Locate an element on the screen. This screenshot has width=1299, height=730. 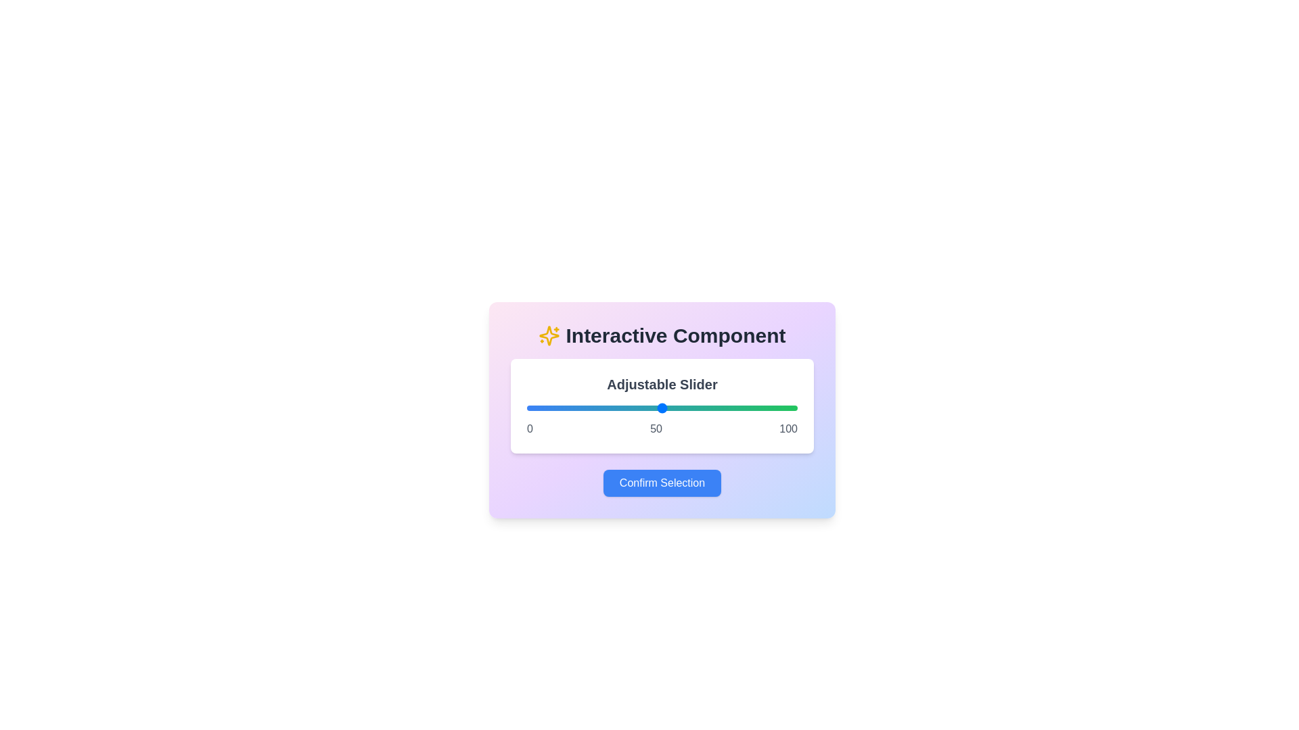
the slider to a specific value 2 is located at coordinates (532, 408).